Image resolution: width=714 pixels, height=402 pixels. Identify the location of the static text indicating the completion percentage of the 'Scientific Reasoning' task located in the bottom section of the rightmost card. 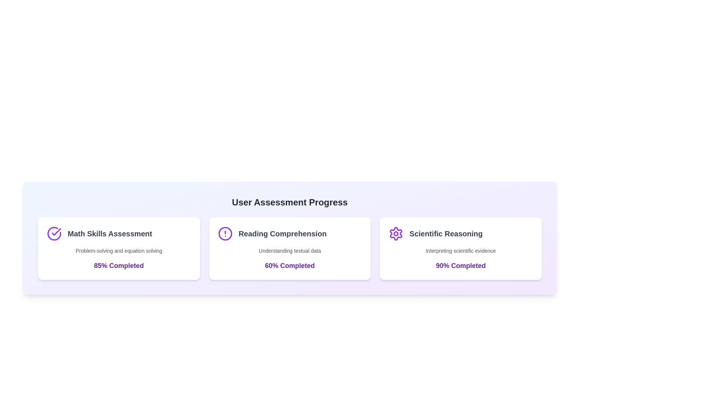
(460, 265).